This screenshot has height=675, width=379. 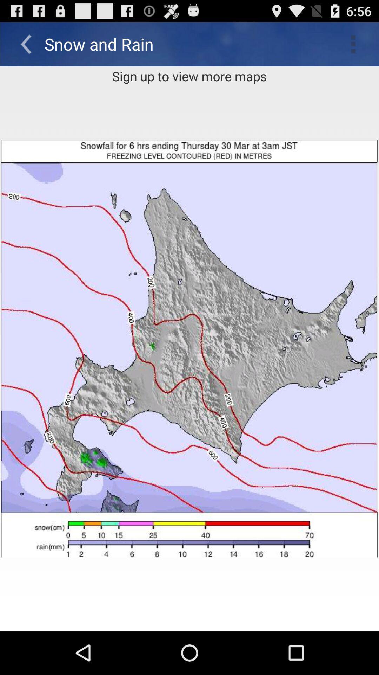 I want to click on the image, so click(x=189, y=348).